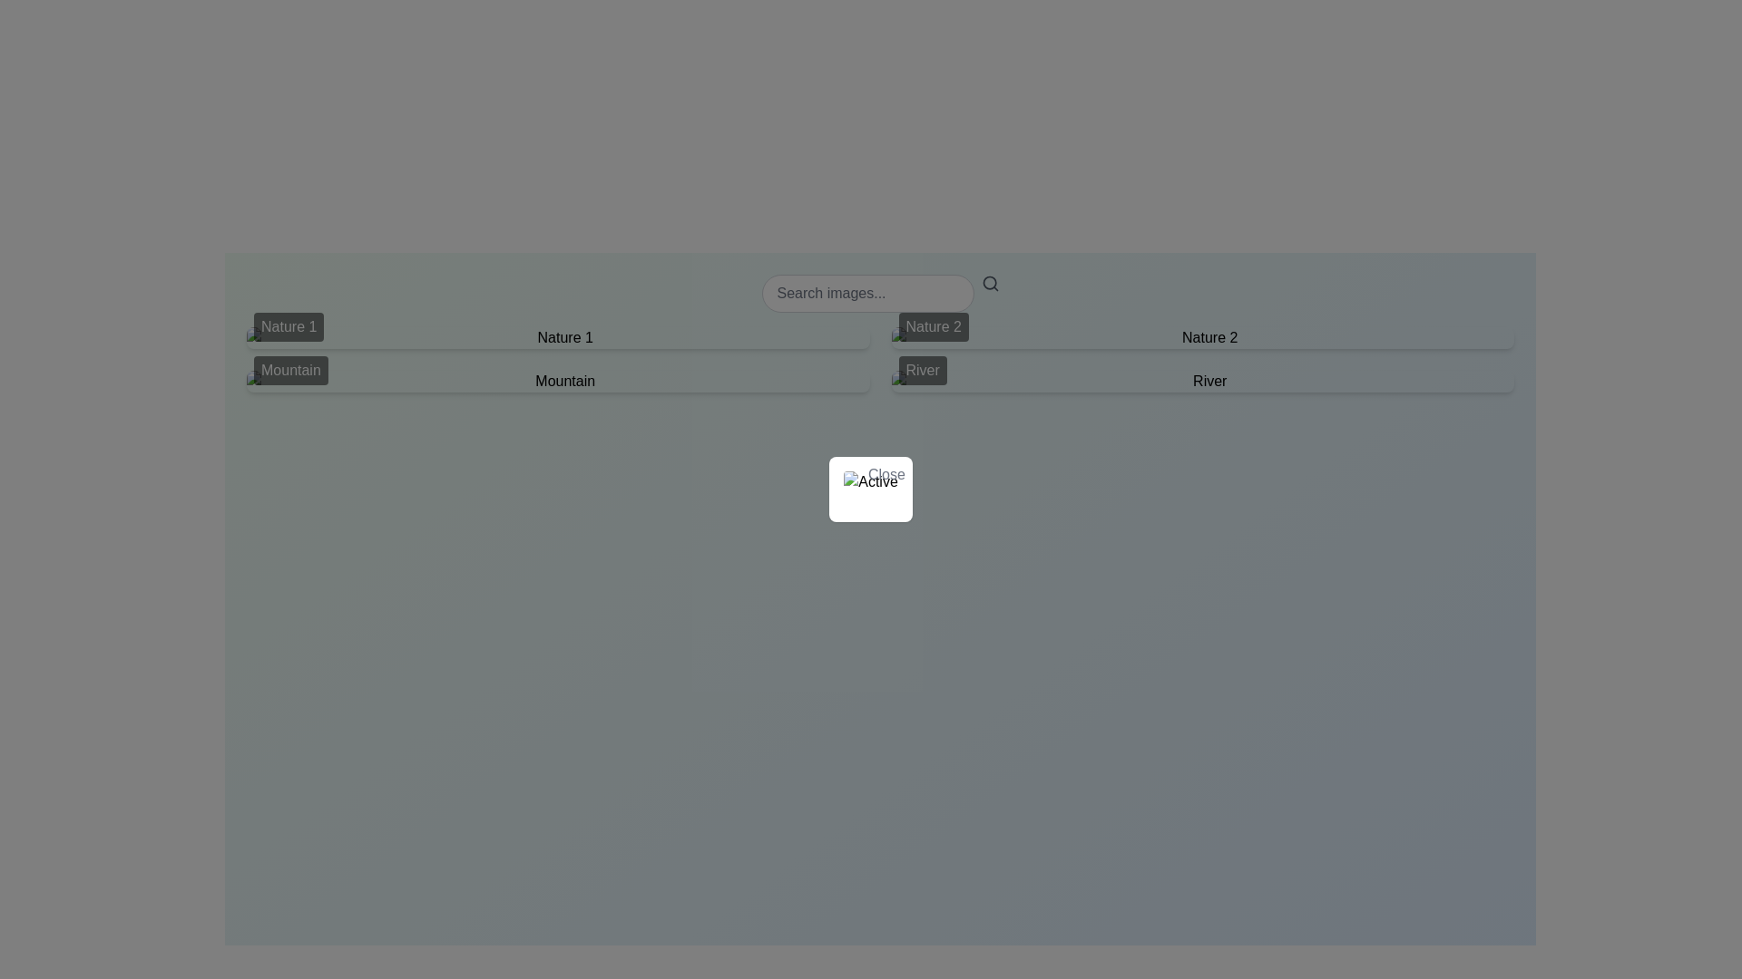 The width and height of the screenshot is (1742, 979). I want to click on the 'Nature 1' selectable content tile, which is the first item in the grid layout, styled with a white font on a semi-transparent black background, so click(557, 338).